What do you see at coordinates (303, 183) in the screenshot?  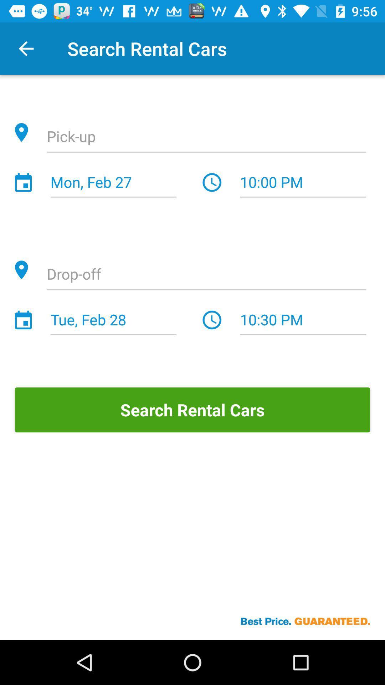 I see `1000 pm` at bounding box center [303, 183].